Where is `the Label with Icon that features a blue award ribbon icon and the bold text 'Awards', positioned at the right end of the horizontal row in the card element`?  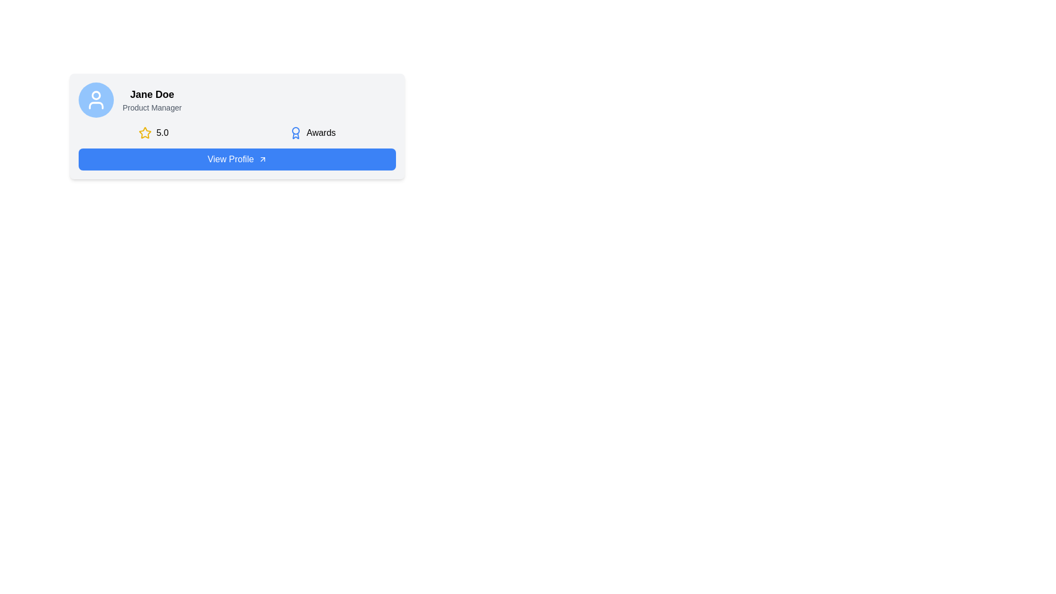 the Label with Icon that features a blue award ribbon icon and the bold text 'Awards', positioned at the right end of the horizontal row in the card element is located at coordinates (312, 133).